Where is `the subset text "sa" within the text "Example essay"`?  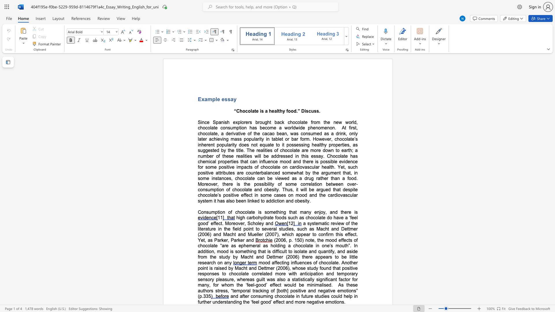
the subset text "sa" within the text "Example essay" is located at coordinates (227, 99).